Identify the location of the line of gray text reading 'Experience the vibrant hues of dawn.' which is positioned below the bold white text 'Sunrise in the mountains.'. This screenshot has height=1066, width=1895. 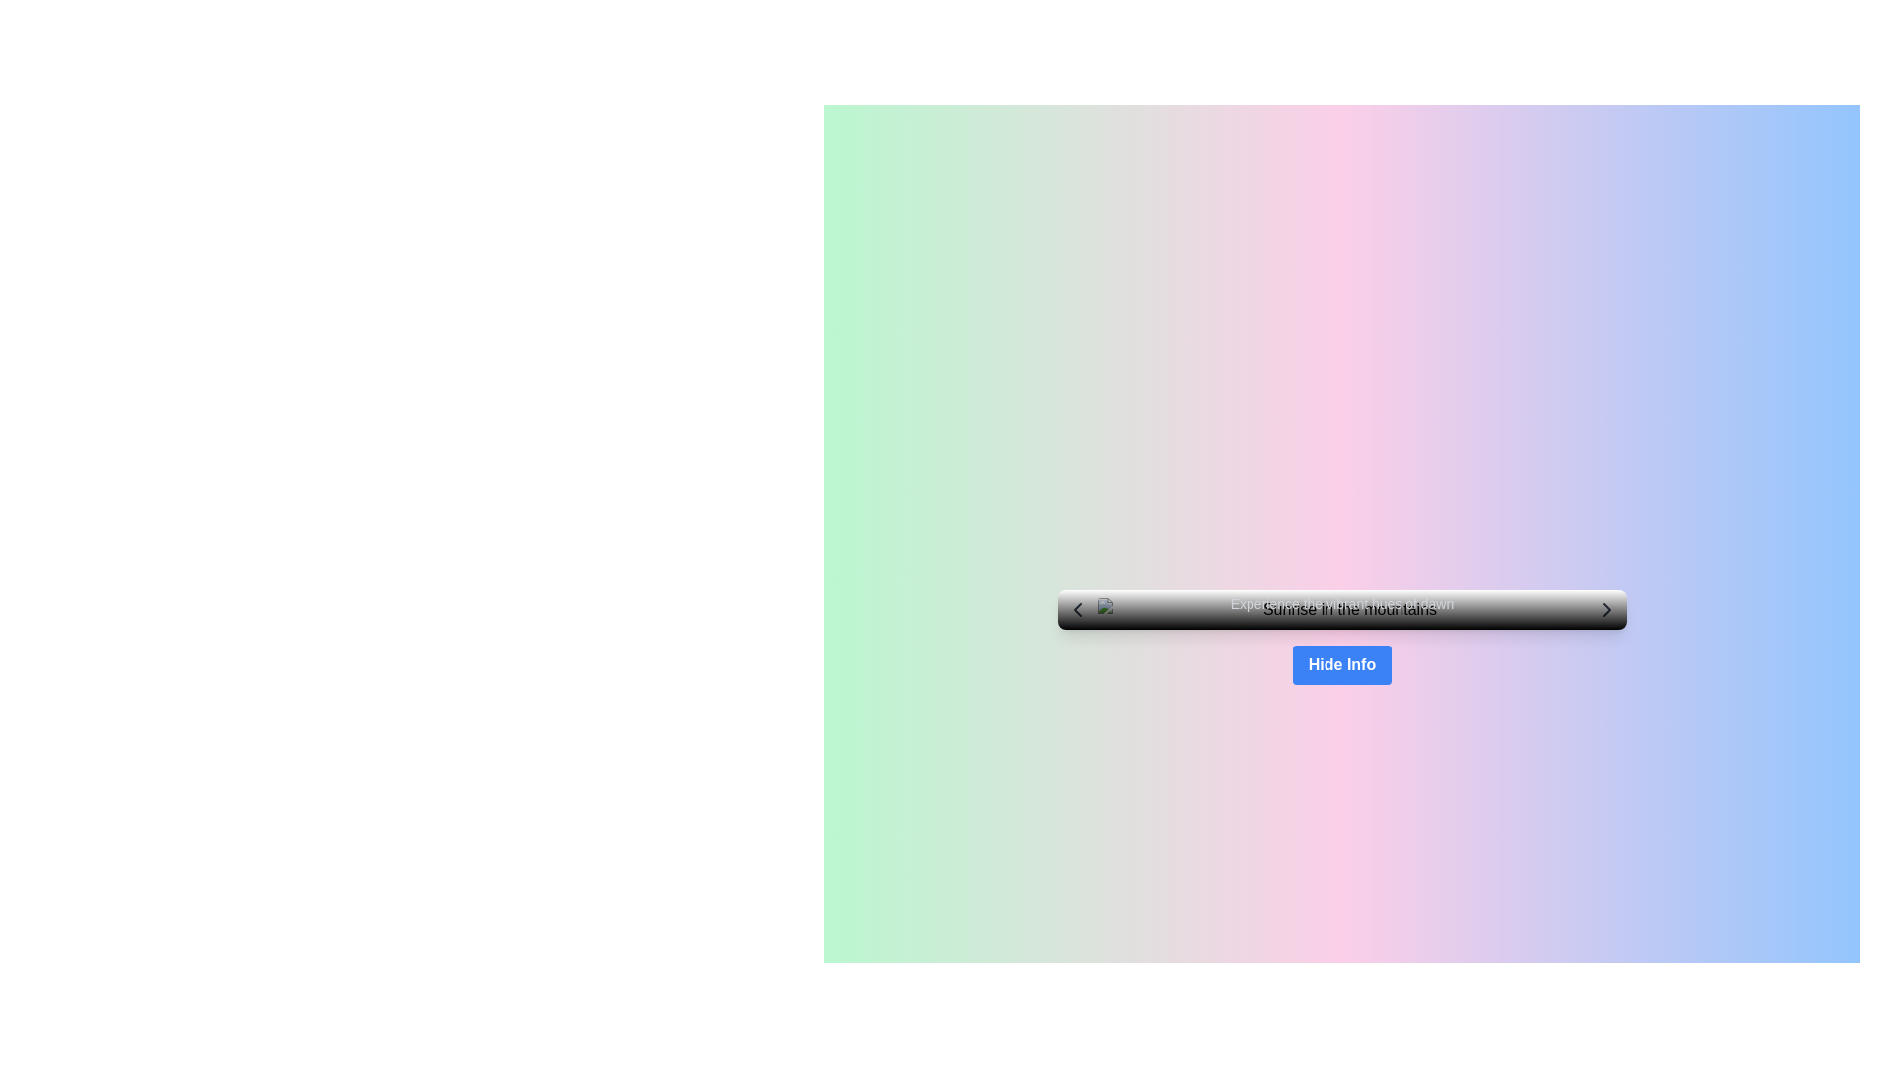
(1341, 603).